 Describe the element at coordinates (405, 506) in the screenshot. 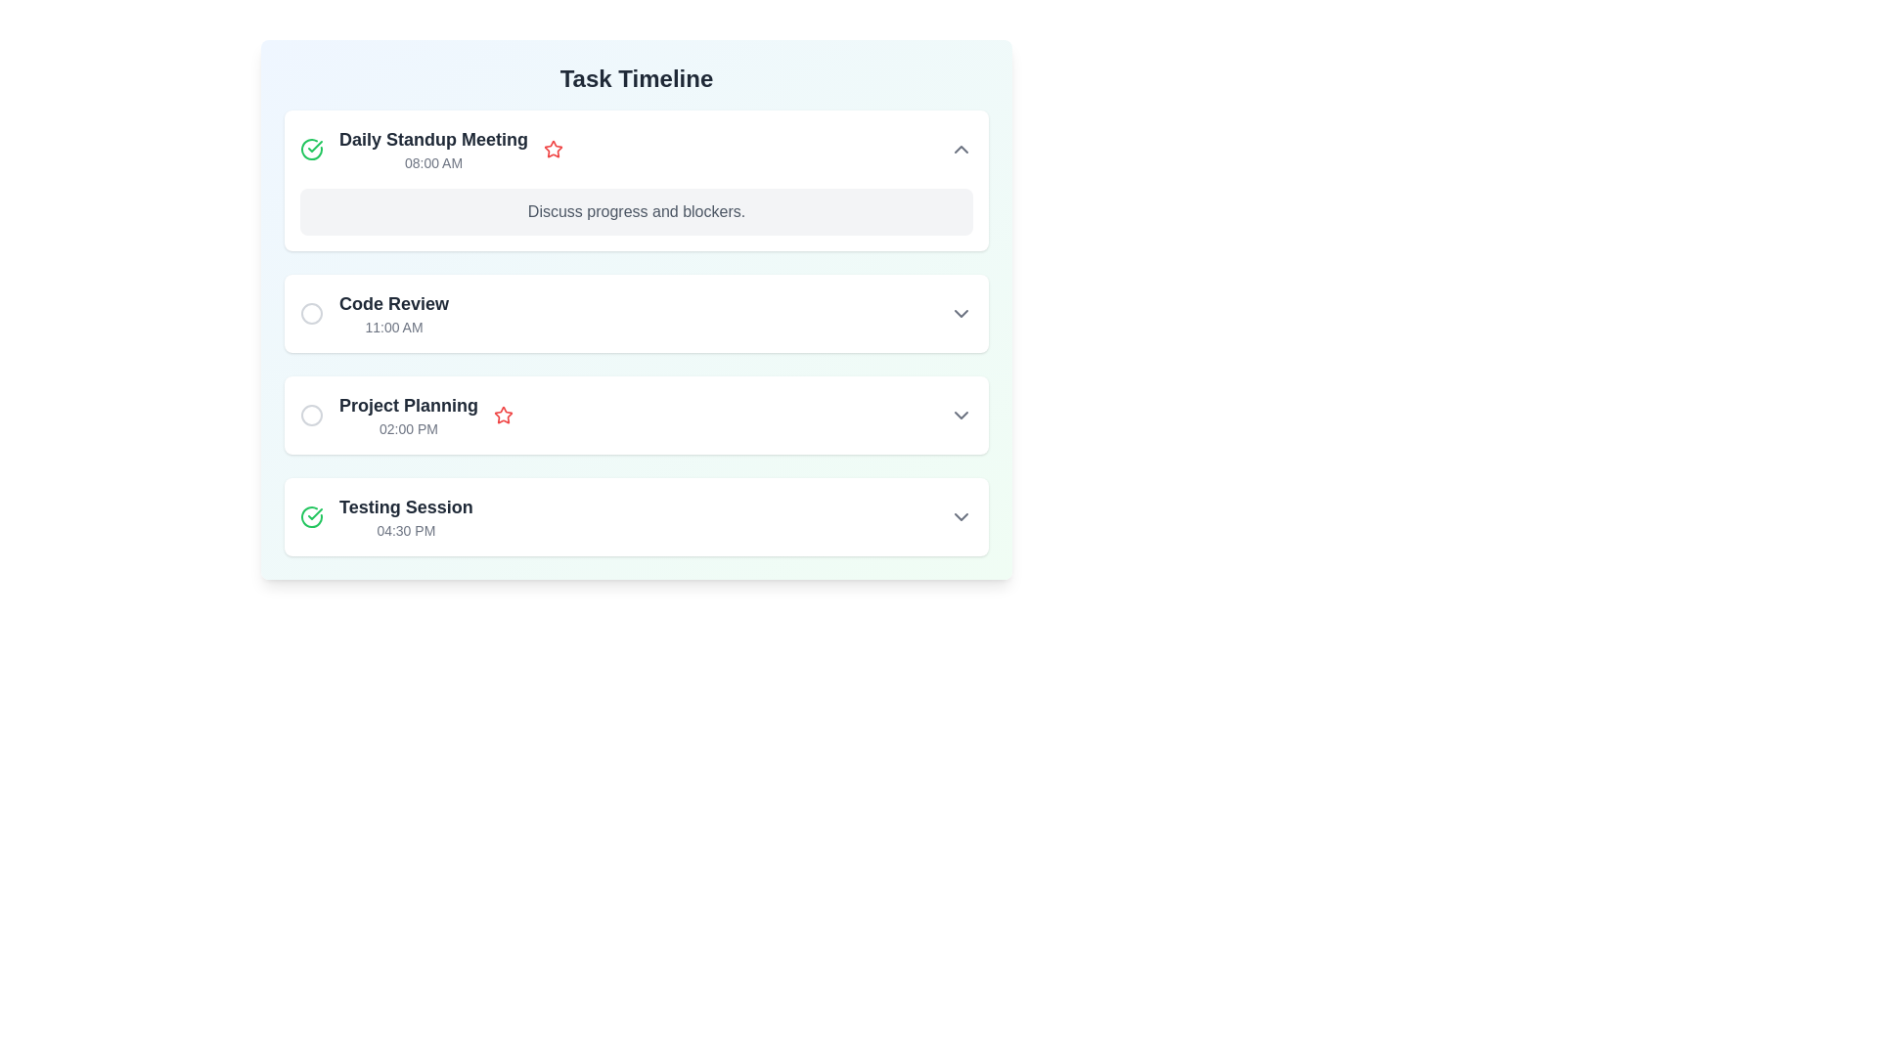

I see `text label that serves as the title for the task item 'Testing Session', located at the bottom of the task list, to understand the task title` at that location.